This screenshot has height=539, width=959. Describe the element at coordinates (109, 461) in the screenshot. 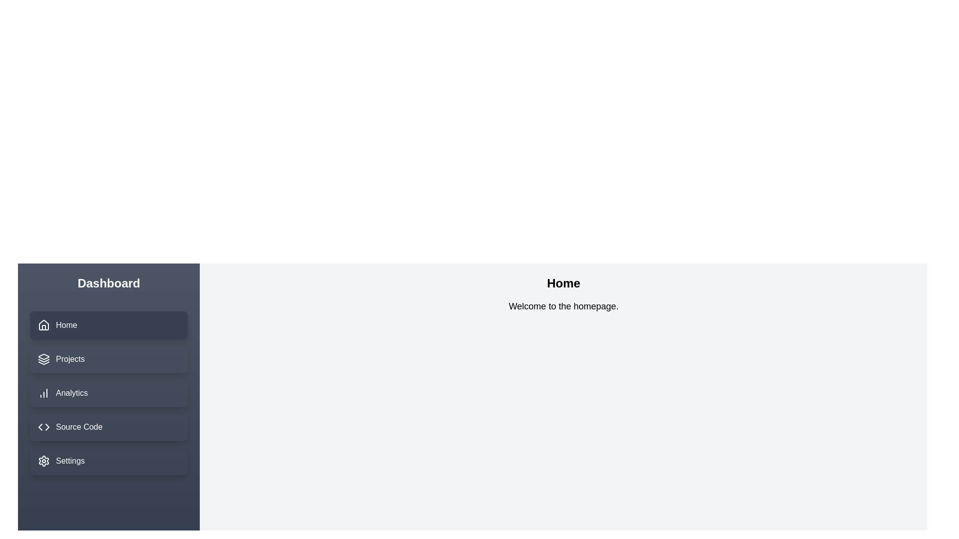

I see `the navigation button located at the bottom of the vertical menu, directly below the 'Source Code' button` at that location.